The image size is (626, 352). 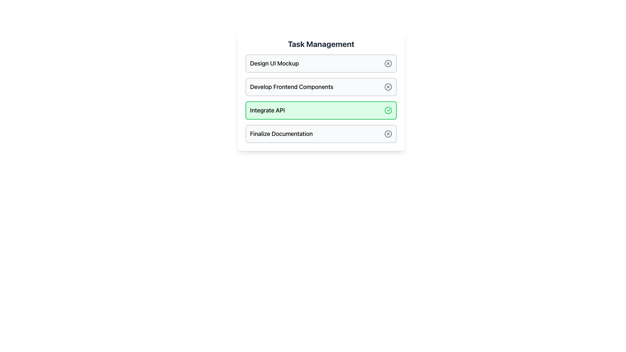 What do you see at coordinates (321, 64) in the screenshot?
I see `the first task entry in the task management interface` at bounding box center [321, 64].